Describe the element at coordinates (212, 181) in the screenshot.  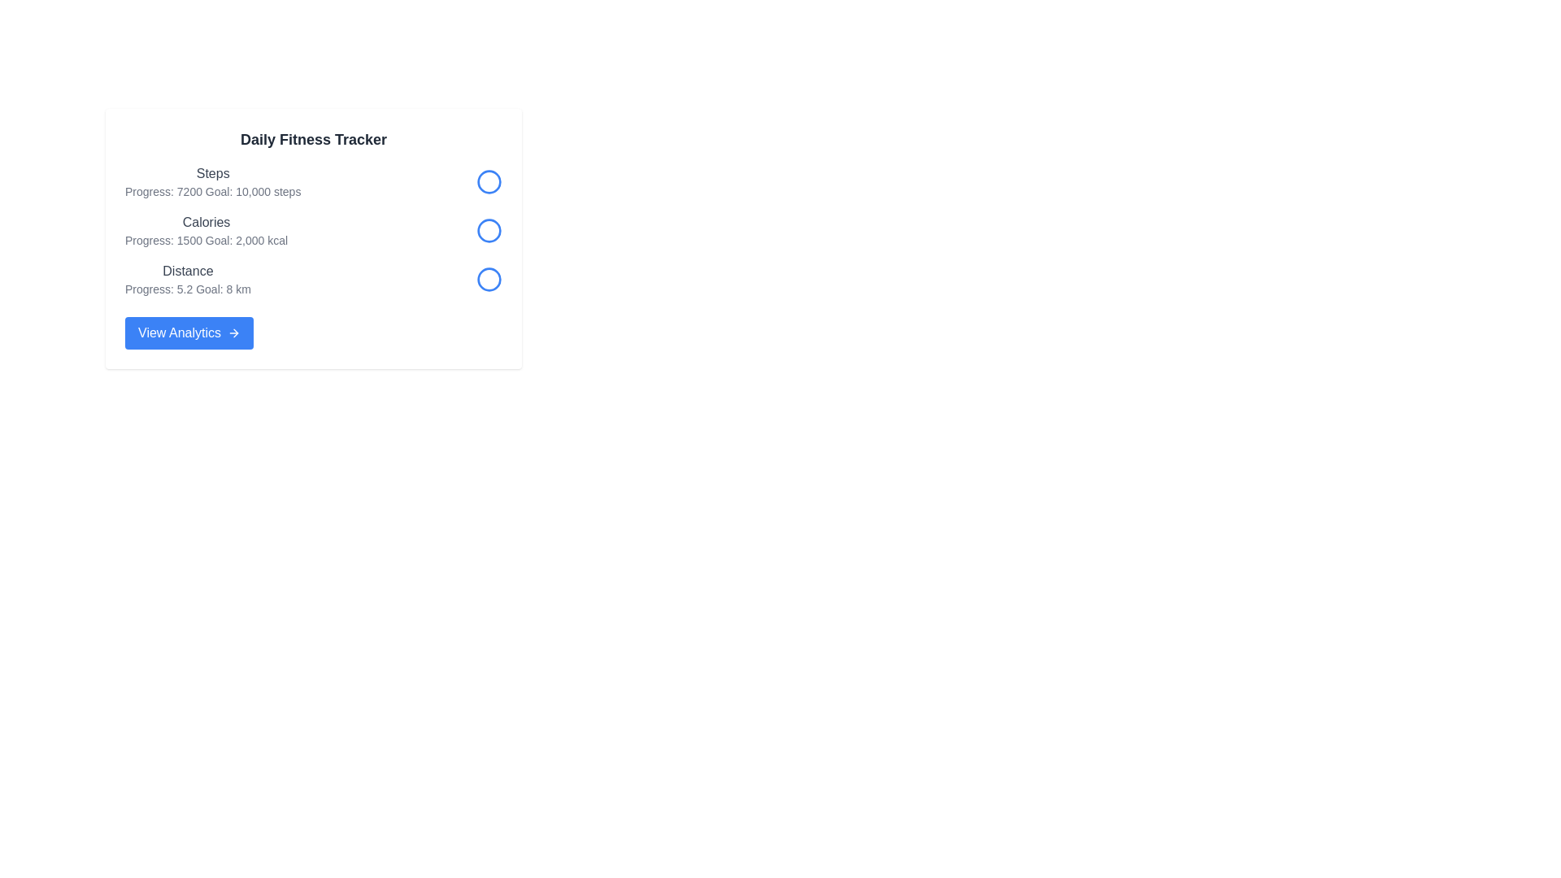
I see `the 'Steps' text display element that shows progress information in a fitness tracker interface` at that location.